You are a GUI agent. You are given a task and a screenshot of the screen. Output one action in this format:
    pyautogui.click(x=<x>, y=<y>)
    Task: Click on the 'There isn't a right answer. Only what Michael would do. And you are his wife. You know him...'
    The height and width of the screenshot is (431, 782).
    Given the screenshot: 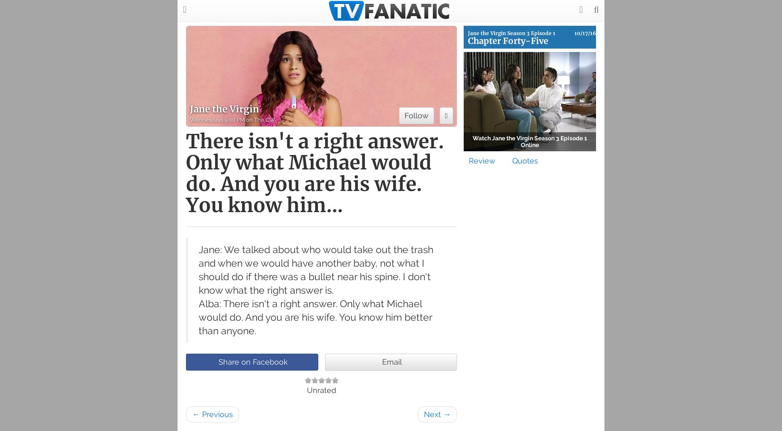 What is the action you would take?
    pyautogui.click(x=314, y=173)
    